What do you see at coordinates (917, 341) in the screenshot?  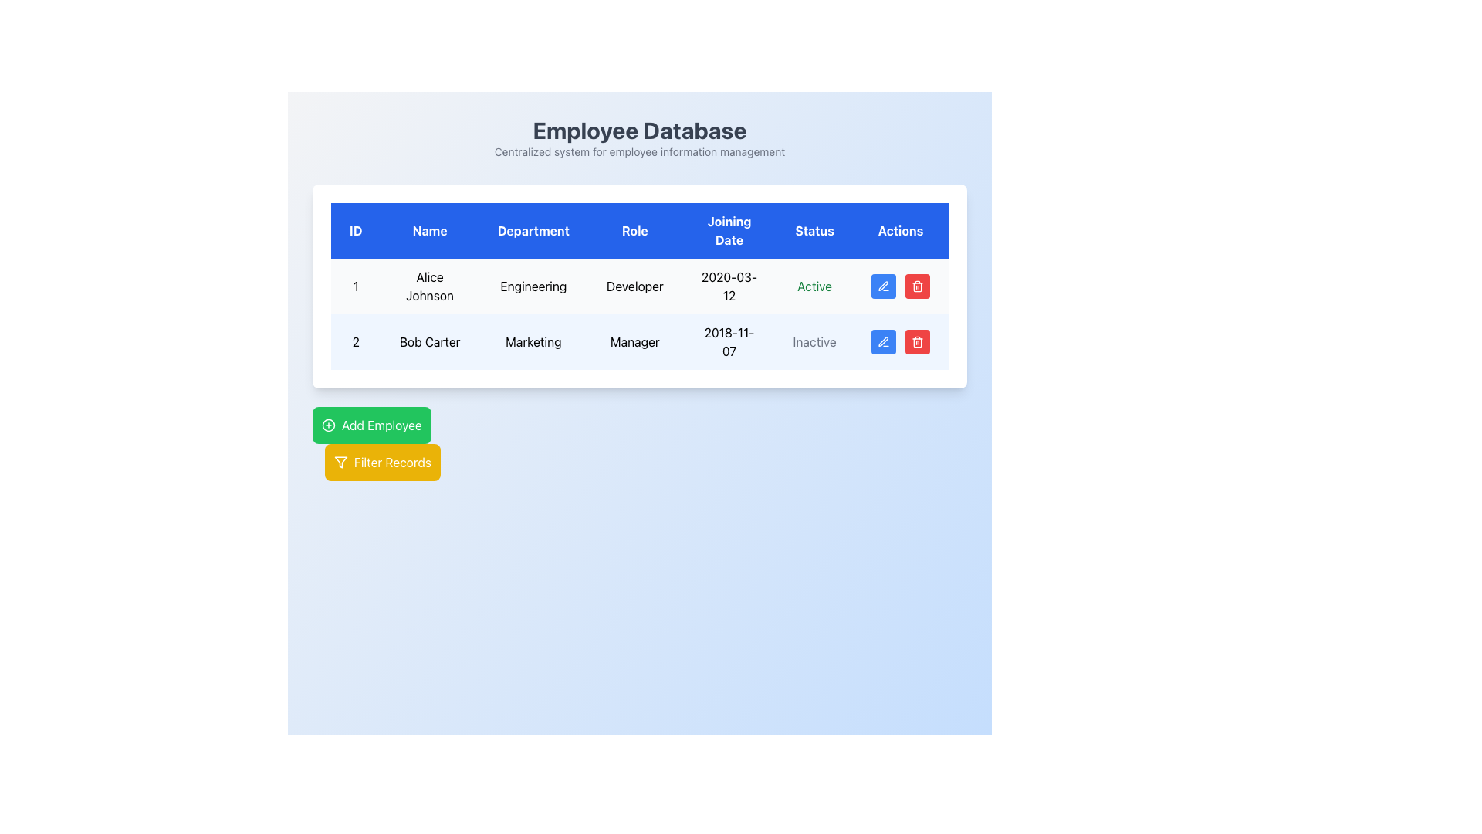 I see `the delete button located in the rightmost column of the second row in the 'Actions' table` at bounding box center [917, 341].